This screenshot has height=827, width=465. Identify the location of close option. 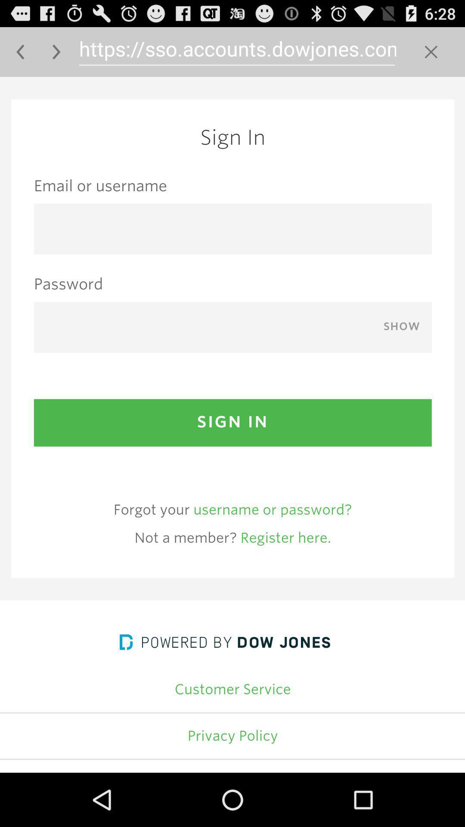
(431, 51).